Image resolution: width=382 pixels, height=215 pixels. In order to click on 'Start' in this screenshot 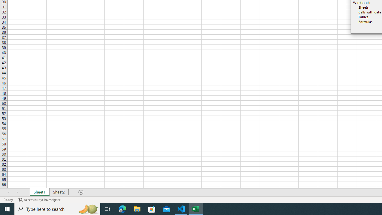, I will do `click(7, 208)`.